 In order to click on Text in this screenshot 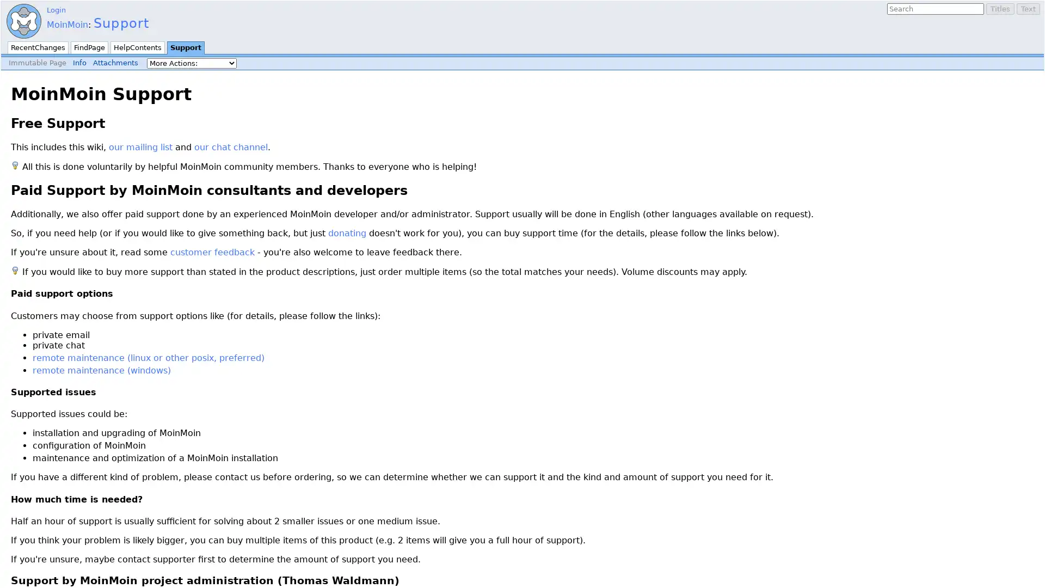, I will do `click(1028, 9)`.